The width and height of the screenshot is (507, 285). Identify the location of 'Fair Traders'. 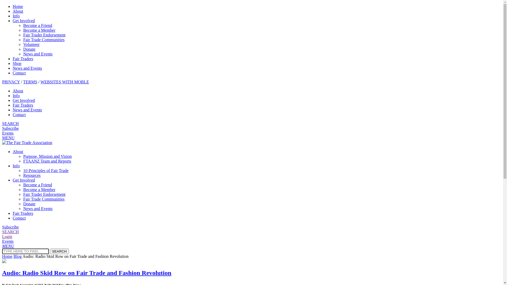
(13, 105).